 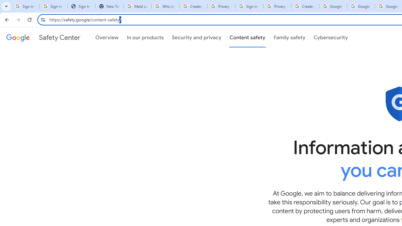 I want to click on 'Reload', so click(x=29, y=19).